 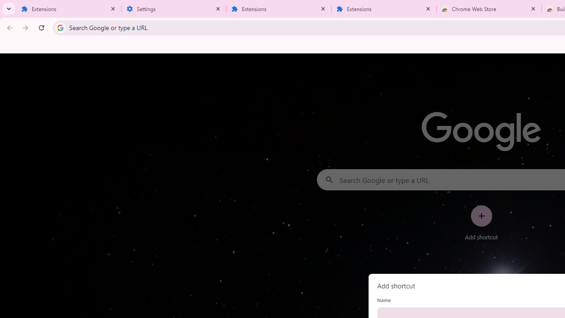 I want to click on 'Extensions', so click(x=68, y=9).